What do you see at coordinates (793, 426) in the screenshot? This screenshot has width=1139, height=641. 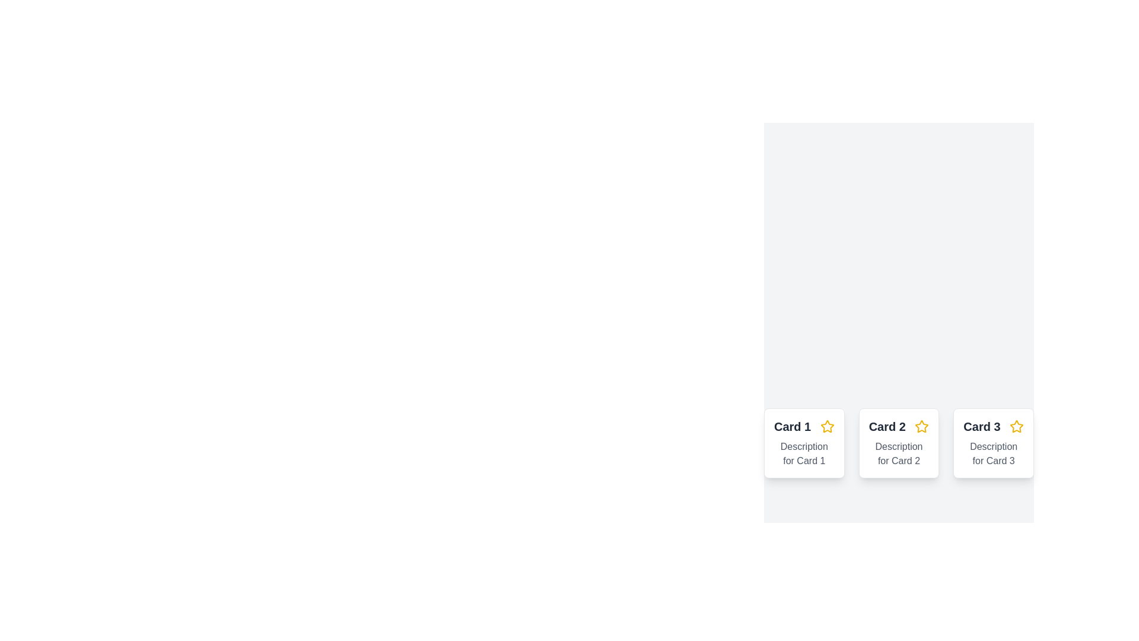 I see `the text label displaying 'Card 1', which is bold and prominently styled within a card interface` at bounding box center [793, 426].